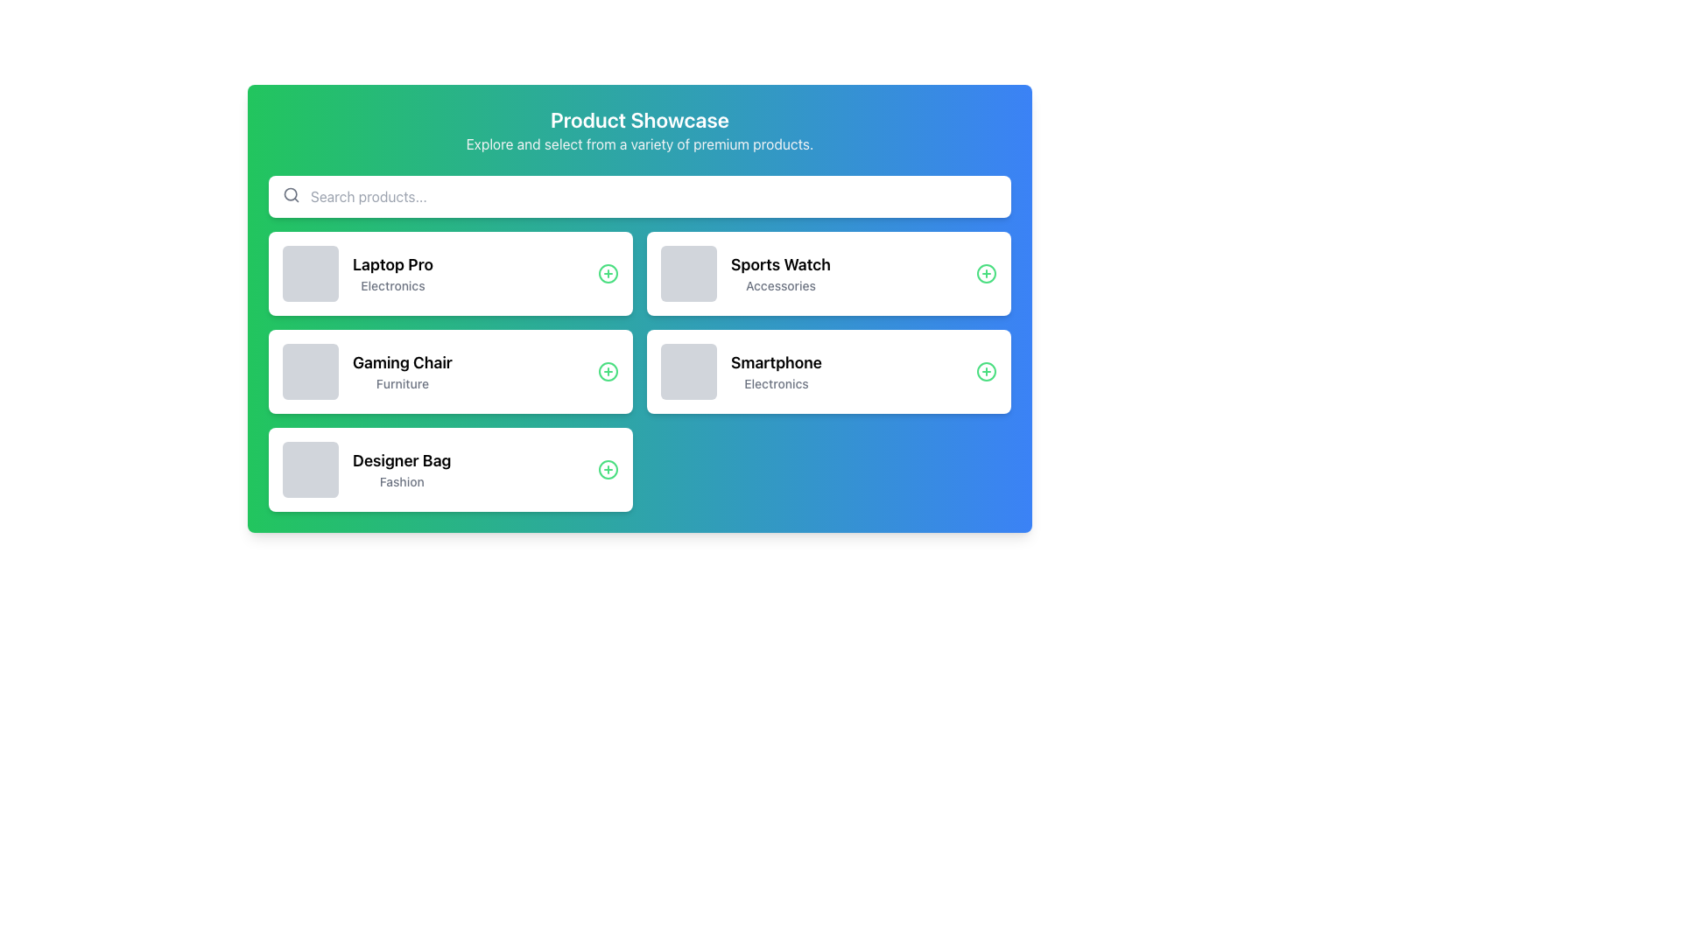 The width and height of the screenshot is (1681, 945). Describe the element at coordinates (401, 460) in the screenshot. I see `the content of the Text label that serves as a descriptive title for a specific product item, located above the text 'Fashion' in the third item of the vertical list on the left side` at that location.